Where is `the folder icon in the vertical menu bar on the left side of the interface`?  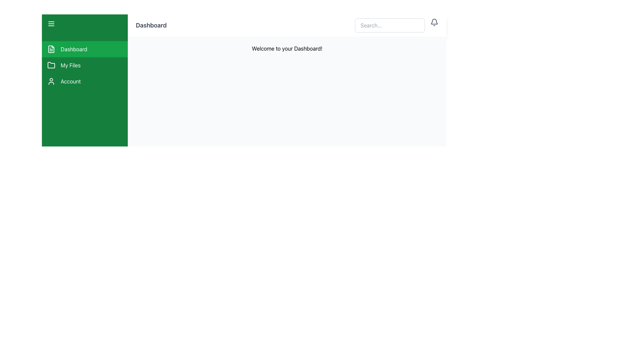 the folder icon in the vertical menu bar on the left side of the interface is located at coordinates (51, 65).